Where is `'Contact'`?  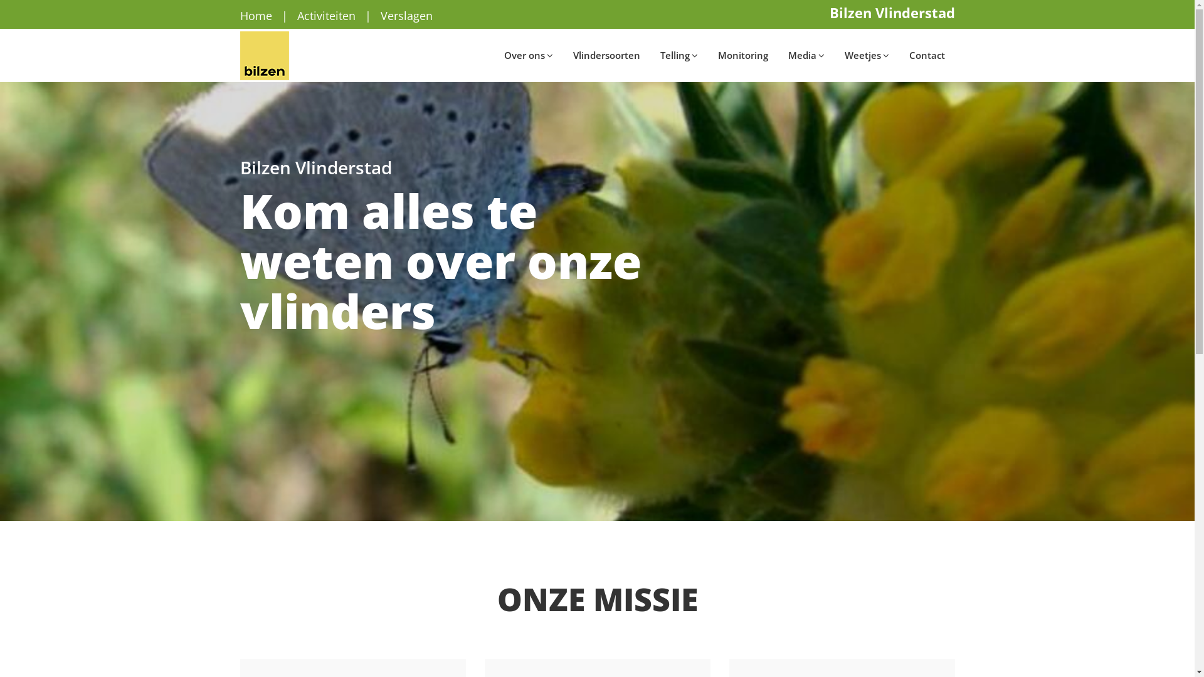 'Contact' is located at coordinates (927, 55).